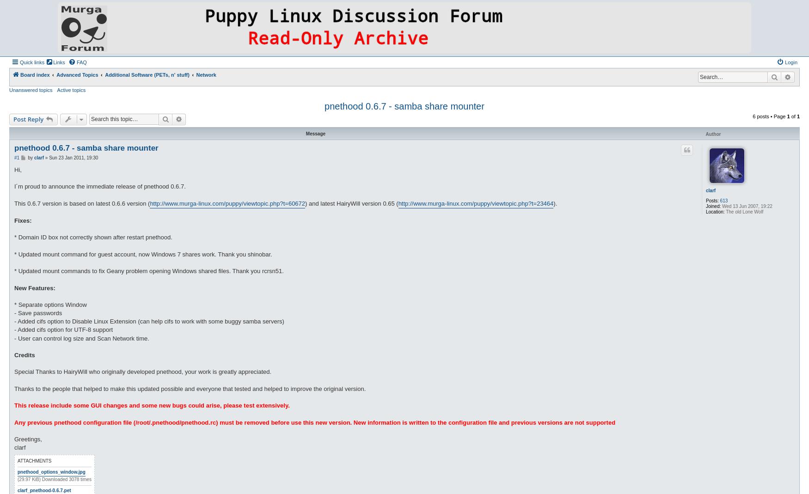  Describe the element at coordinates (104, 74) in the screenshot. I see `'Additional Software (PETs, n' stuff)'` at that location.